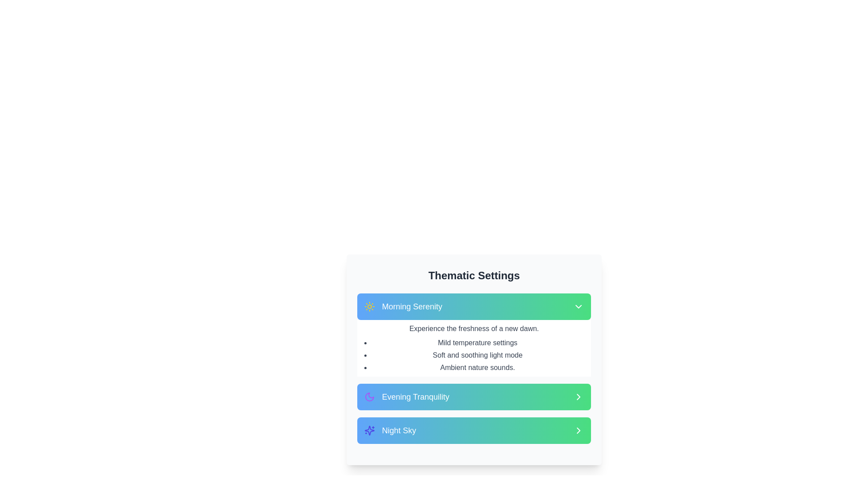  I want to click on the right-direction arrow icon in the 'Night Sky' section, so click(578, 430).